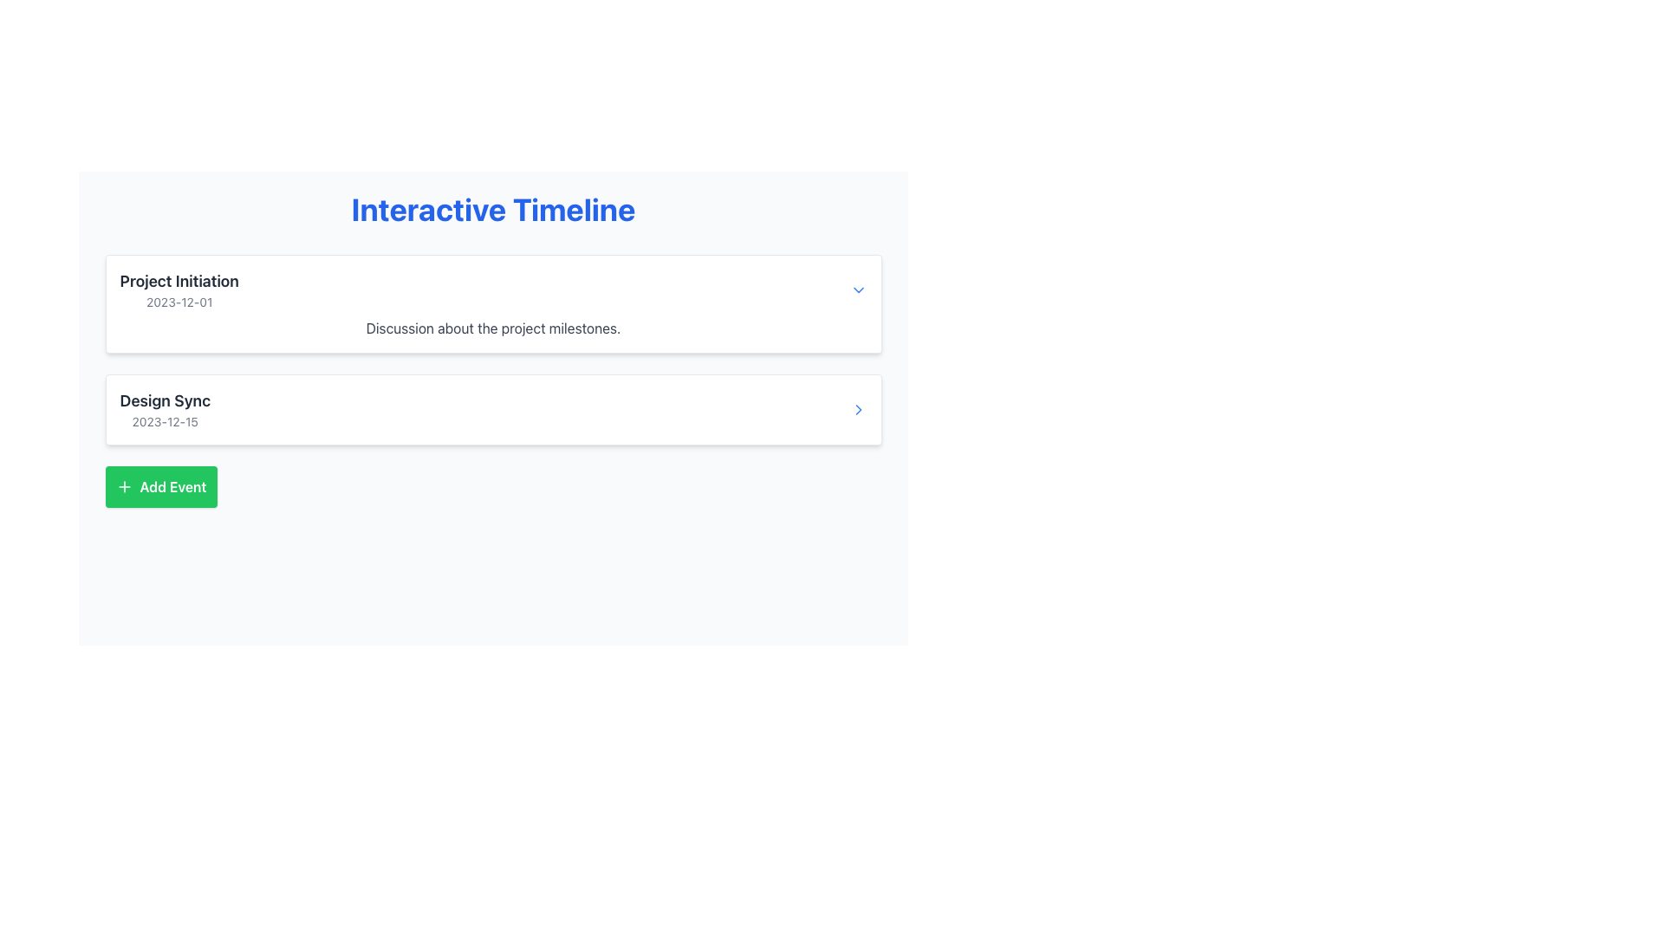  I want to click on the navigation button located at the far-right of the 'Design Sync' entry in the timeline, so click(858, 410).